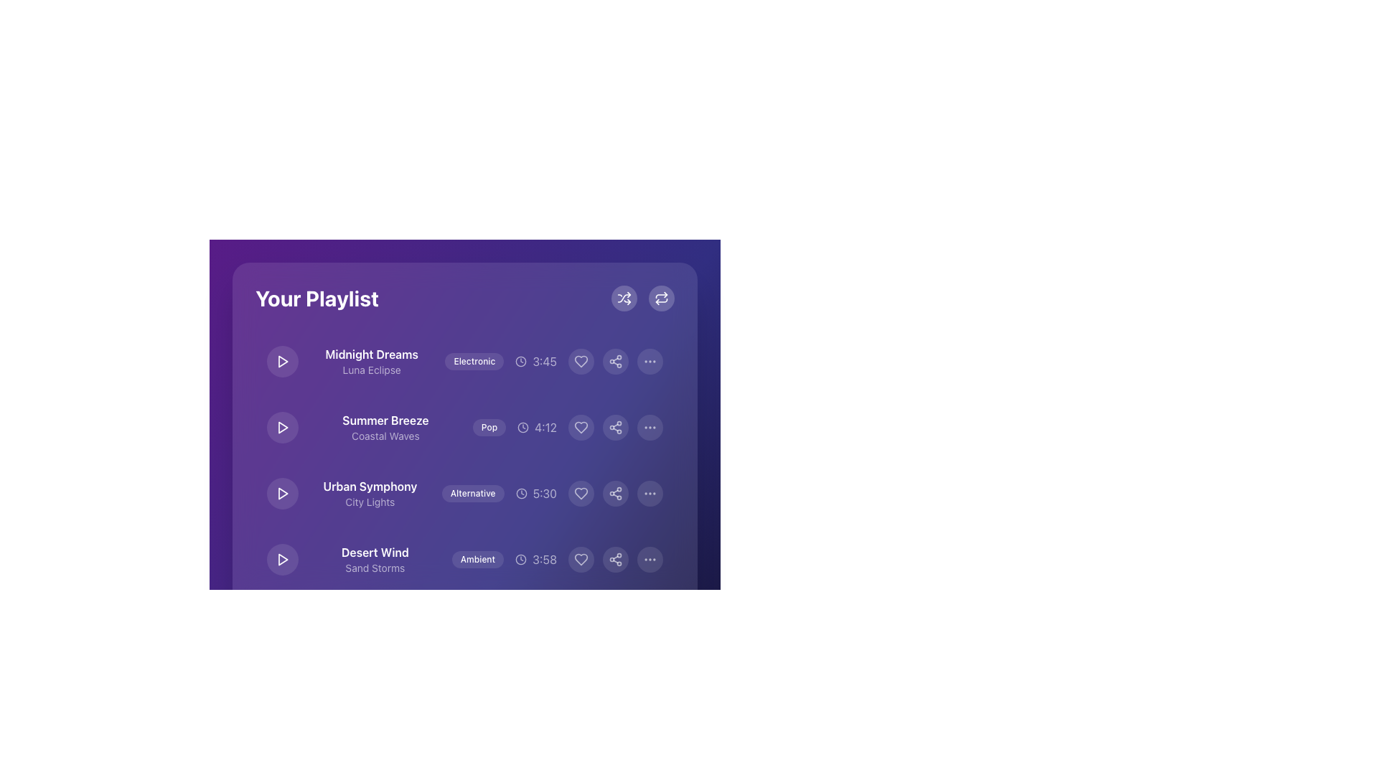  Describe the element at coordinates (520, 558) in the screenshot. I see `the circular clock icon with a white outline next to the '3:58' text for the 'Desert Wind' playlist item` at that location.